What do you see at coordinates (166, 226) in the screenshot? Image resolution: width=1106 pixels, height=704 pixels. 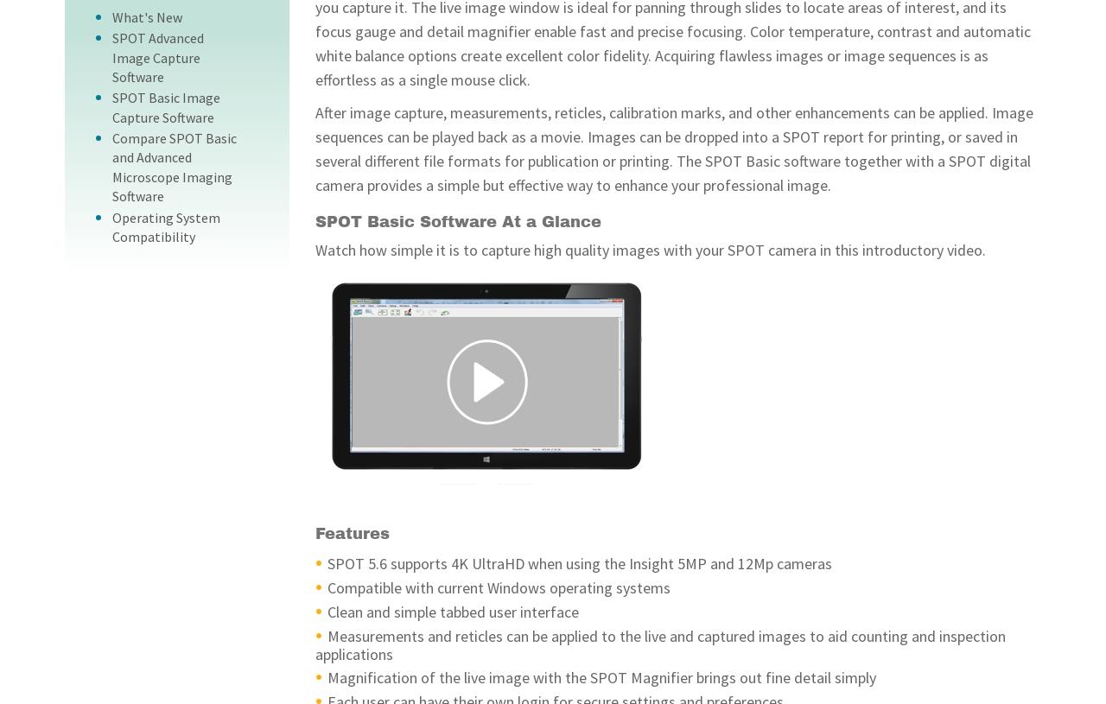 I see `'Operating System Compatibility'` at bounding box center [166, 226].